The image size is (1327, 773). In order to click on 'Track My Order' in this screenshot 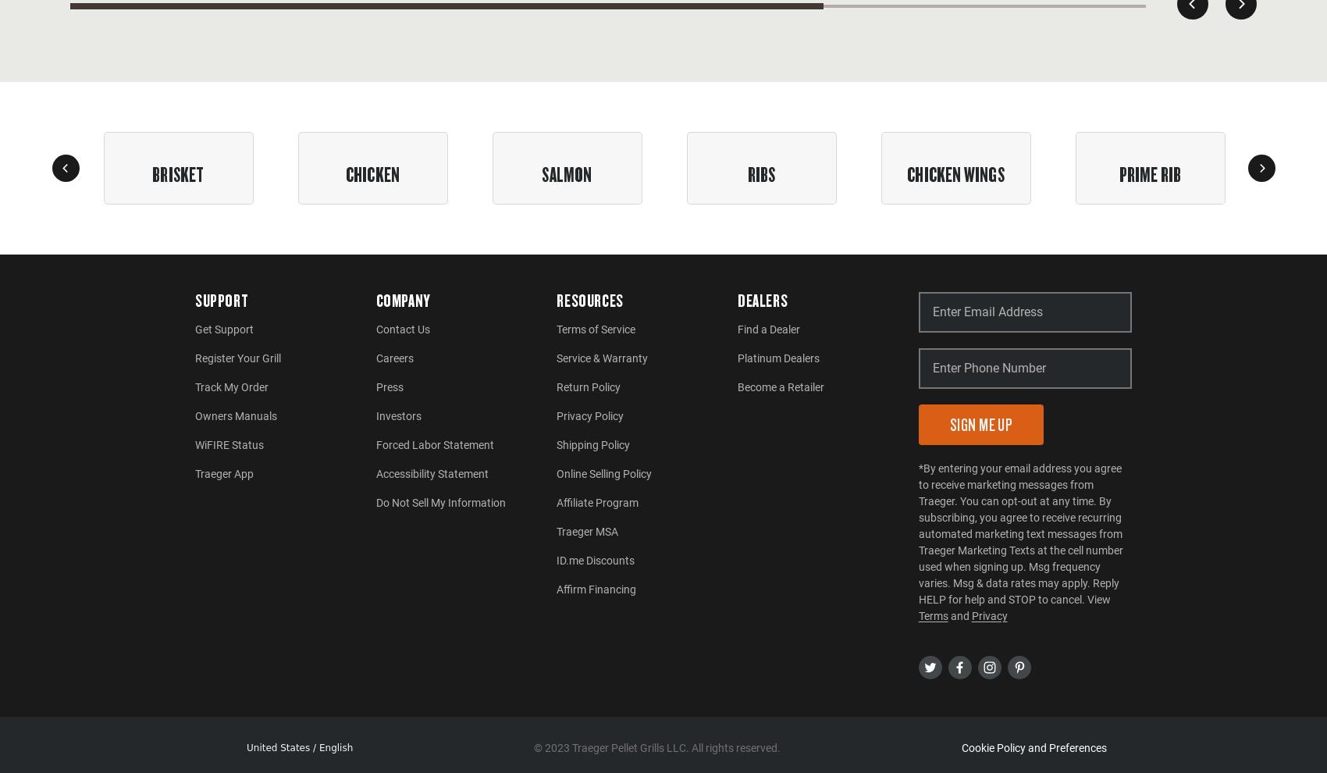, I will do `click(195, 386)`.